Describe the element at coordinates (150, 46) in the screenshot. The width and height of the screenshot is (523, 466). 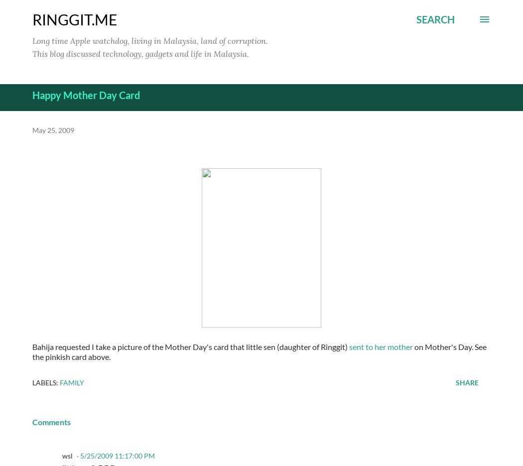
I see `'Long time Apple watchdog, living in Malaysia, land of corruption. This blog discussed technology, gadgets and life in Malaysia.'` at that location.